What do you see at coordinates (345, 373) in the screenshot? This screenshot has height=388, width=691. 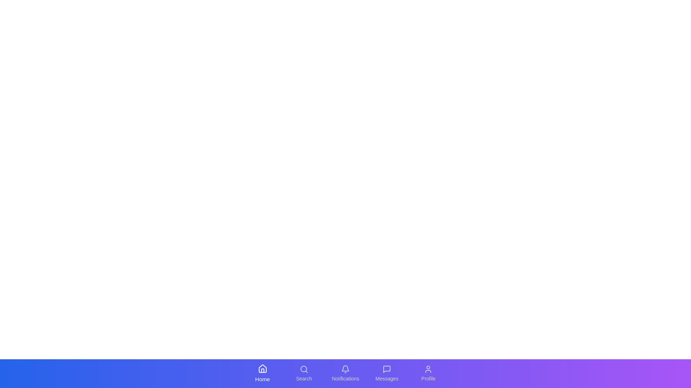 I see `the Notifications tab to inspect its details` at bounding box center [345, 373].